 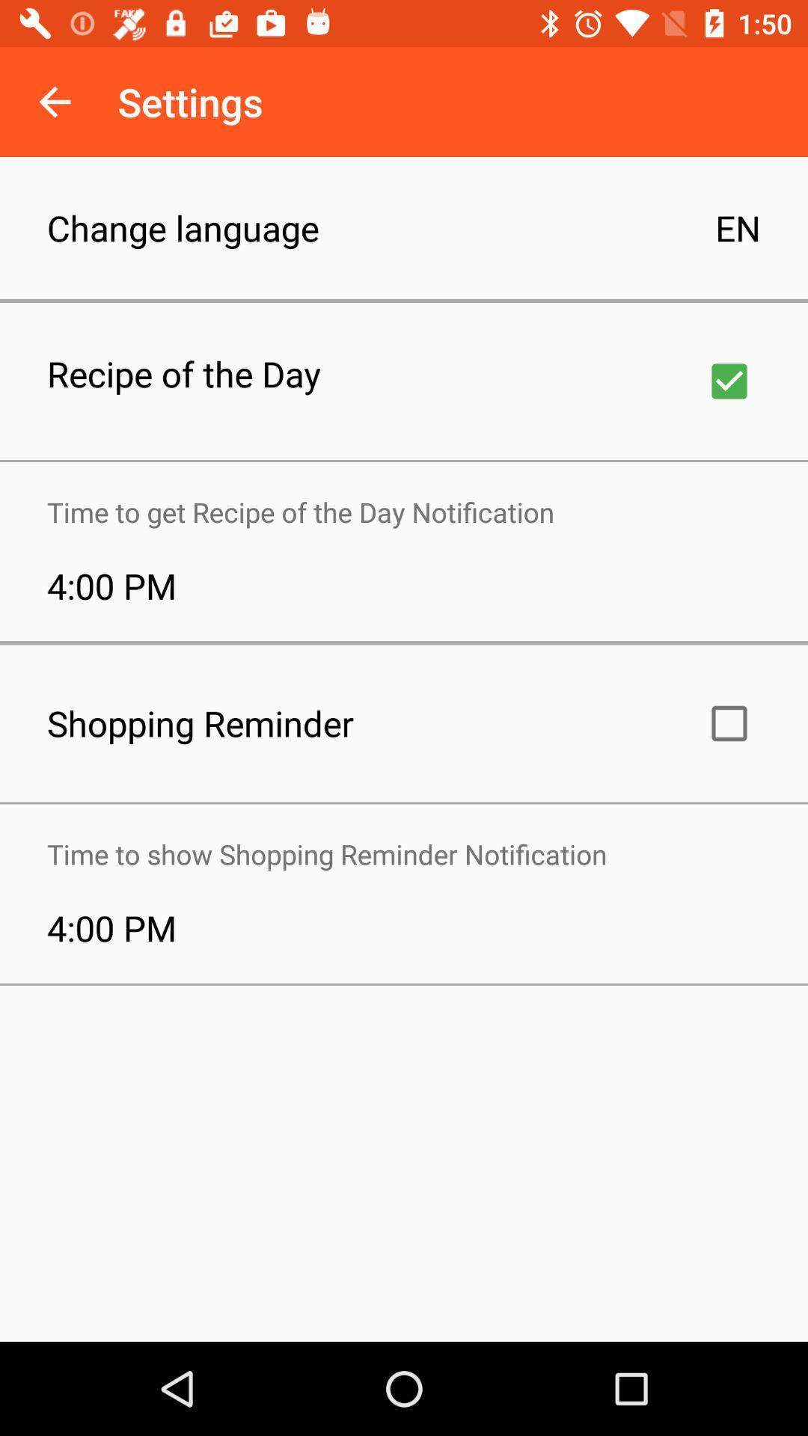 What do you see at coordinates (729, 724) in the screenshot?
I see `the check box on the right side of text shopping reminder` at bounding box center [729, 724].